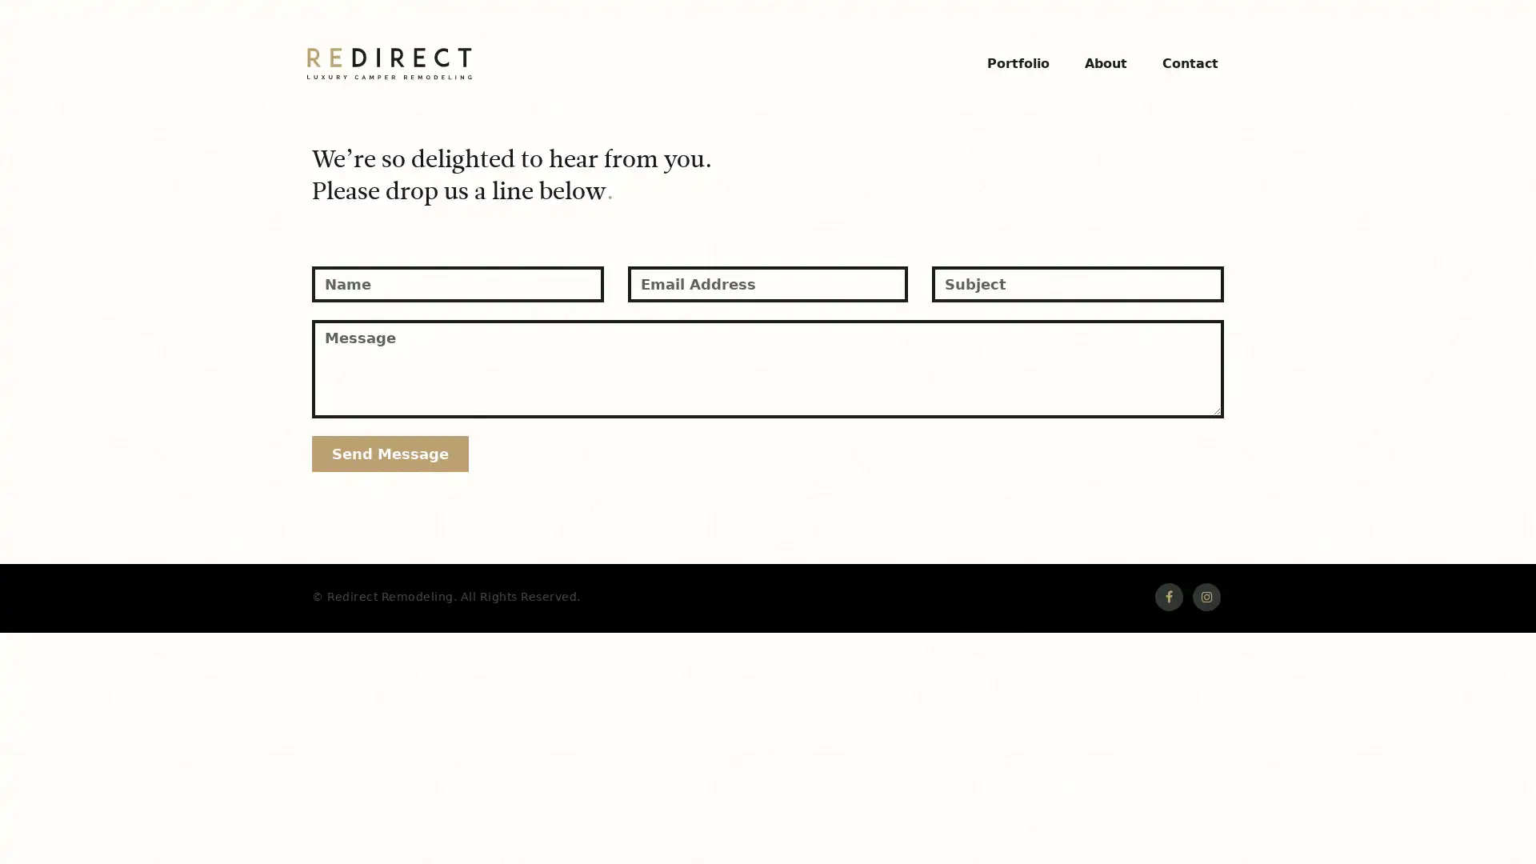 The height and width of the screenshot is (864, 1536). I want to click on Send Message Send Message, so click(390, 448).